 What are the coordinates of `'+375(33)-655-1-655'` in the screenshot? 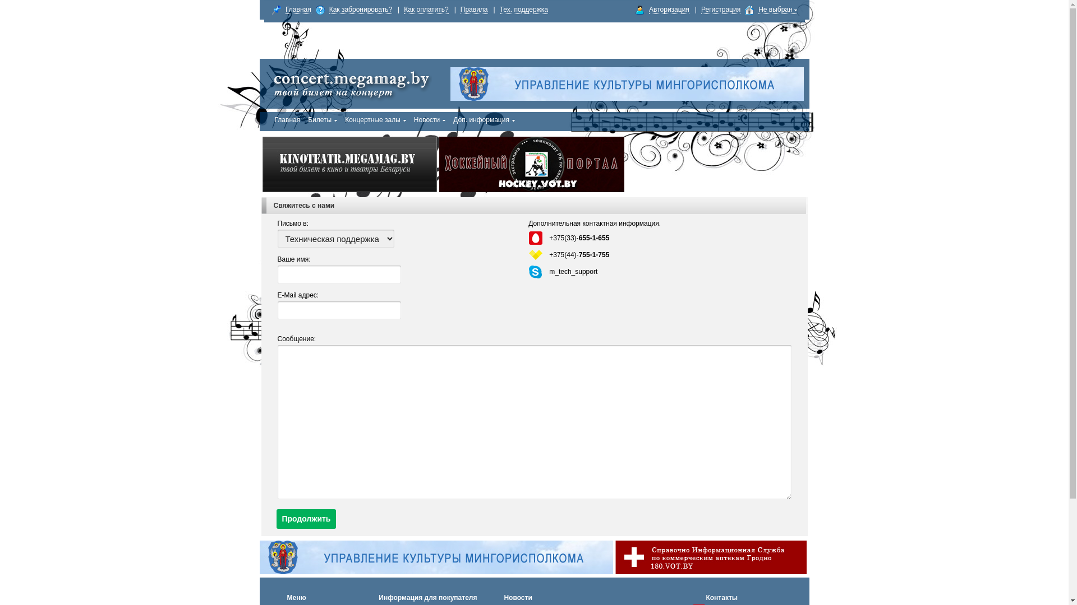 It's located at (579, 237).